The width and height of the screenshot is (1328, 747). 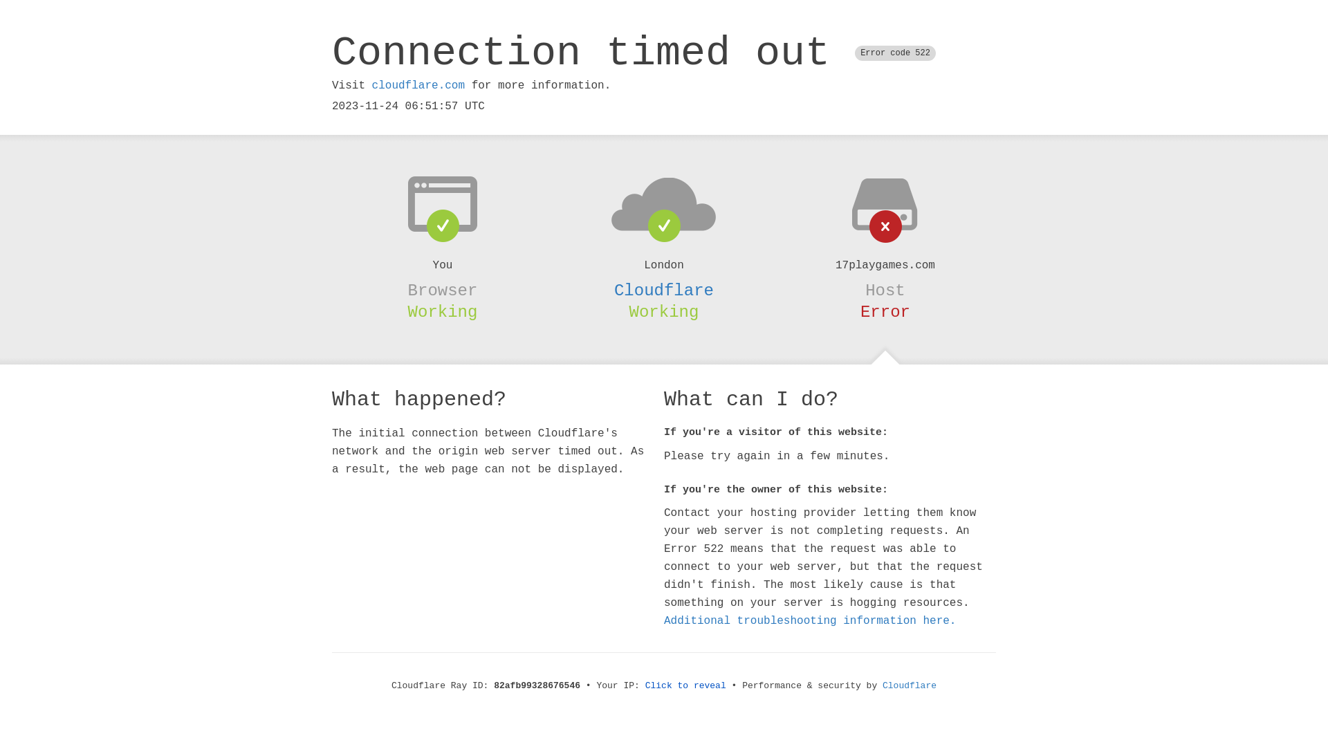 What do you see at coordinates (664, 290) in the screenshot?
I see `'Cloudflare'` at bounding box center [664, 290].